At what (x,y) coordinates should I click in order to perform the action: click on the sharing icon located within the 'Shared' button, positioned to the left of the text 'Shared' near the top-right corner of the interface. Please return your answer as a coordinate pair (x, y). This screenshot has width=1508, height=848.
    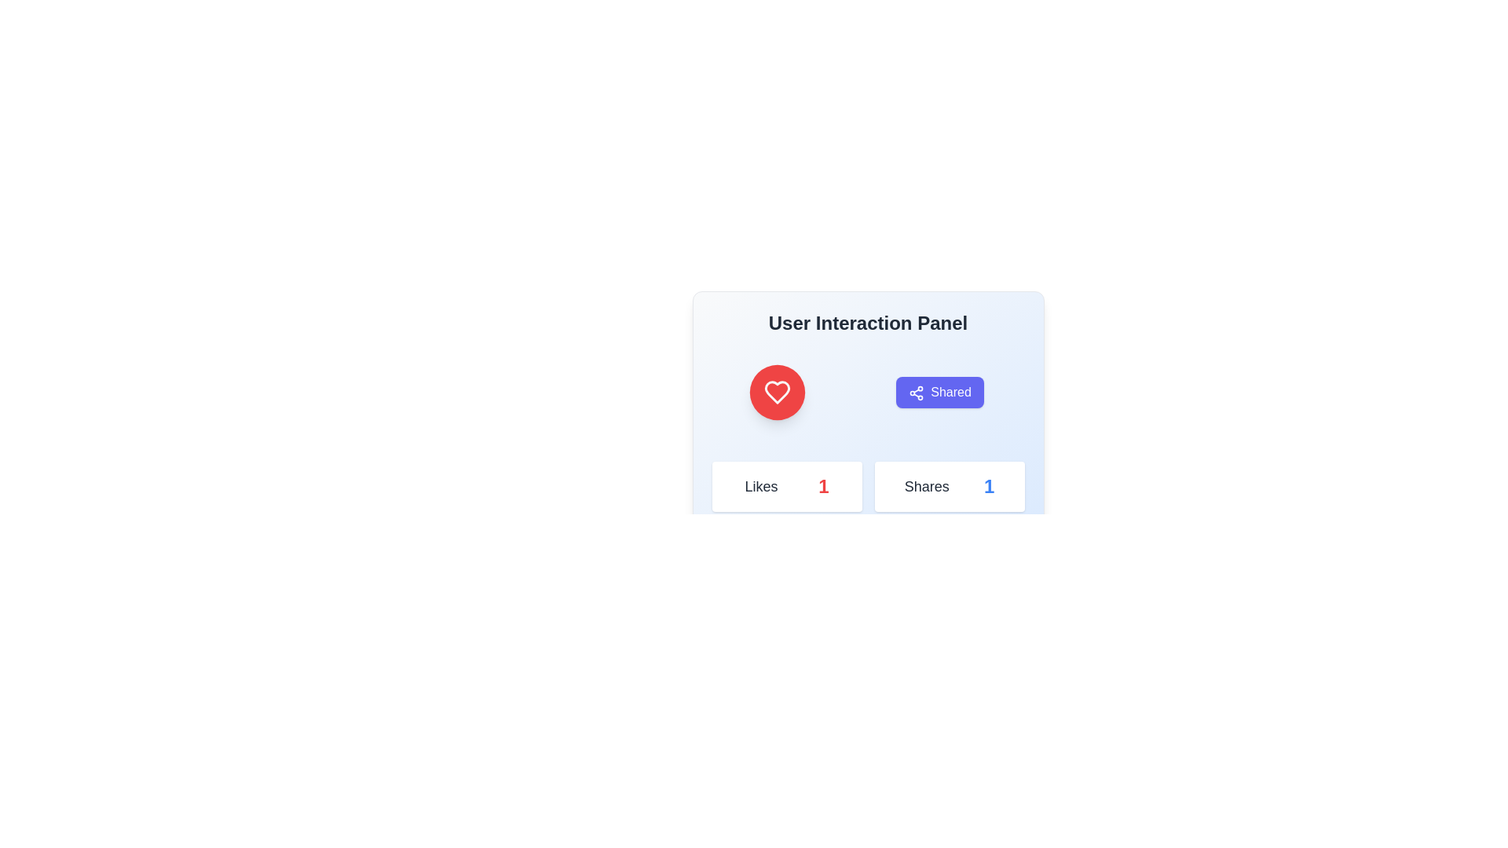
    Looking at the image, I should click on (917, 392).